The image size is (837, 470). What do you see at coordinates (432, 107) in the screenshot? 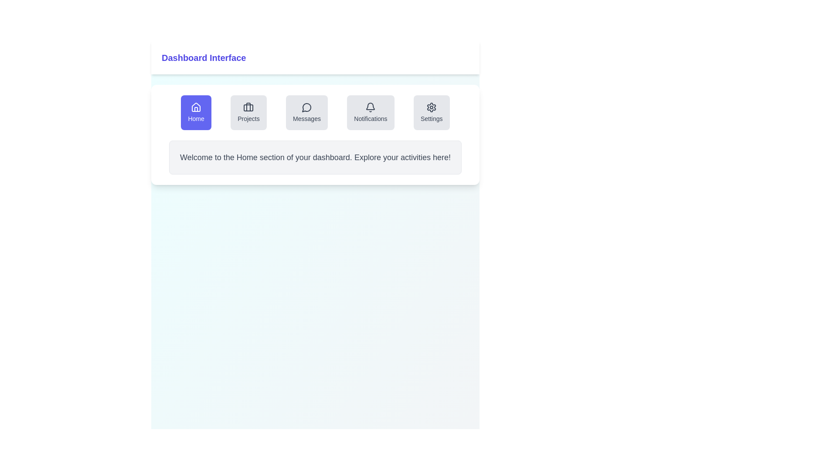
I see `the gear icon located at the end of a row of five icons, adjacent to the text 'Settings'` at bounding box center [432, 107].